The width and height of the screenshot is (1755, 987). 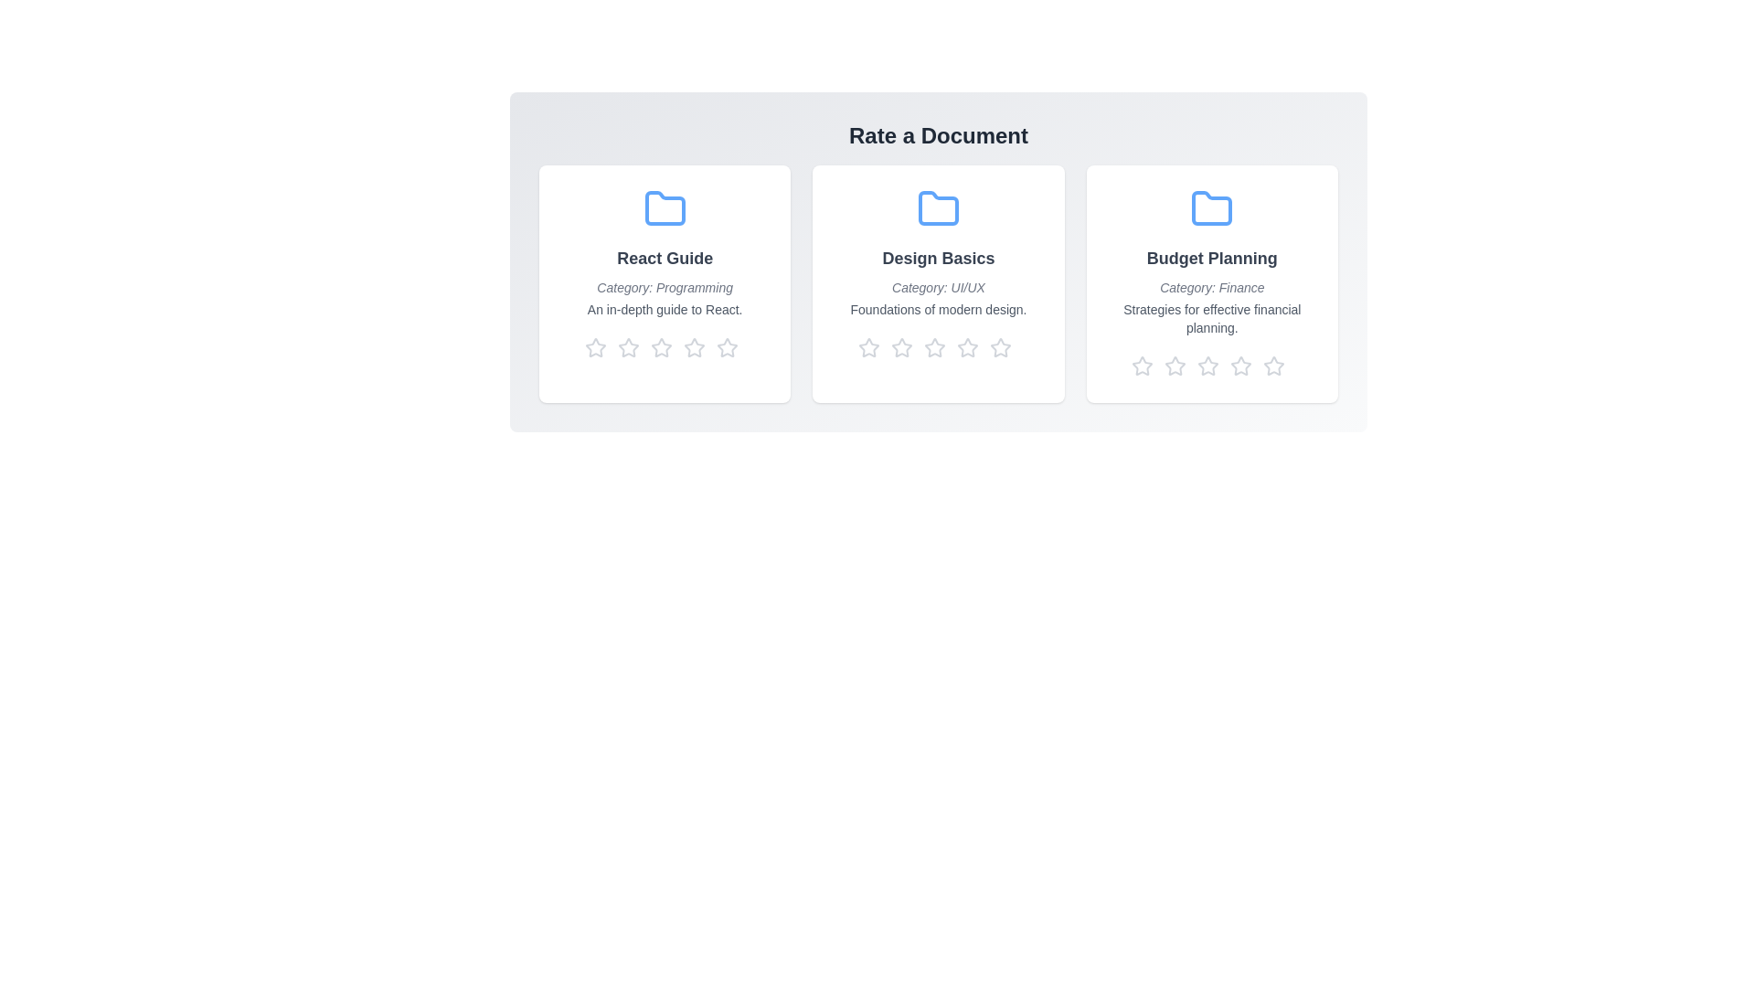 What do you see at coordinates (729, 348) in the screenshot?
I see `the star corresponding to 5 stars to preview the rating` at bounding box center [729, 348].